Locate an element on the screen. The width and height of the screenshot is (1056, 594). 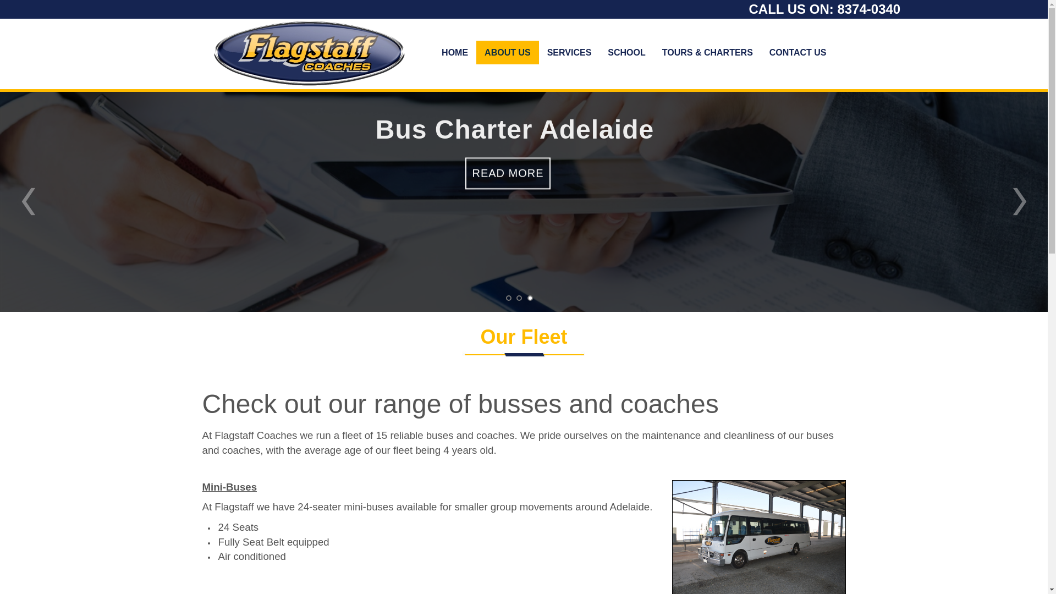
'HOME' is located at coordinates (454, 52).